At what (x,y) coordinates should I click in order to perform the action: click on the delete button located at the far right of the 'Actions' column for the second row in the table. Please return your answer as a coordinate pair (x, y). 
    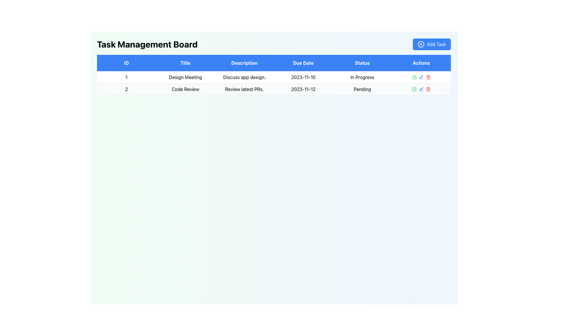
    Looking at the image, I should click on (428, 77).